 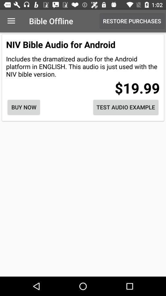 I want to click on item next to the bible offline, so click(x=11, y=21).